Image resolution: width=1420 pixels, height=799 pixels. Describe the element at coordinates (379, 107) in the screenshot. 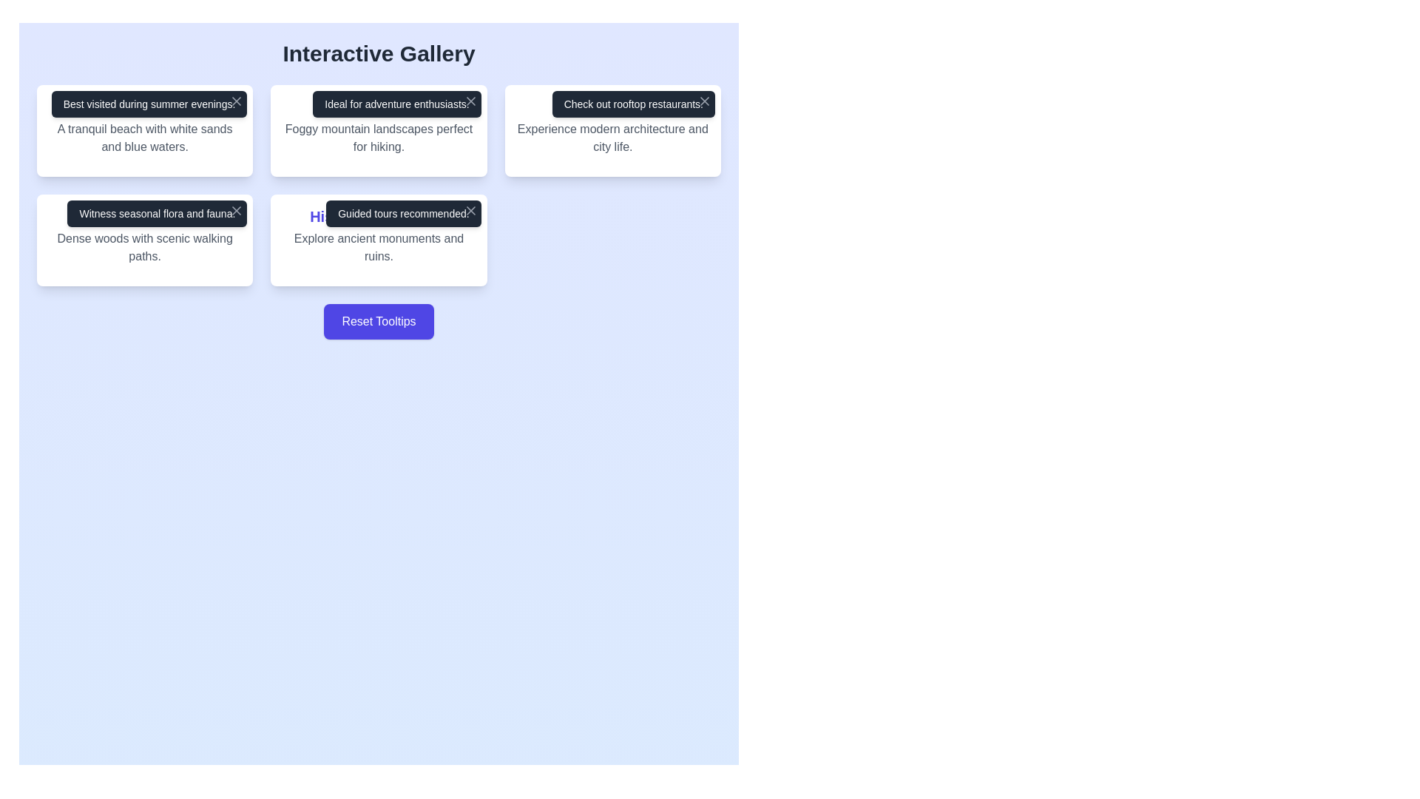

I see `the static text display element styled as a title that shows 'Mystic Mountains' in a large, bold, indigo font located at the upper part of a card-like section` at that location.